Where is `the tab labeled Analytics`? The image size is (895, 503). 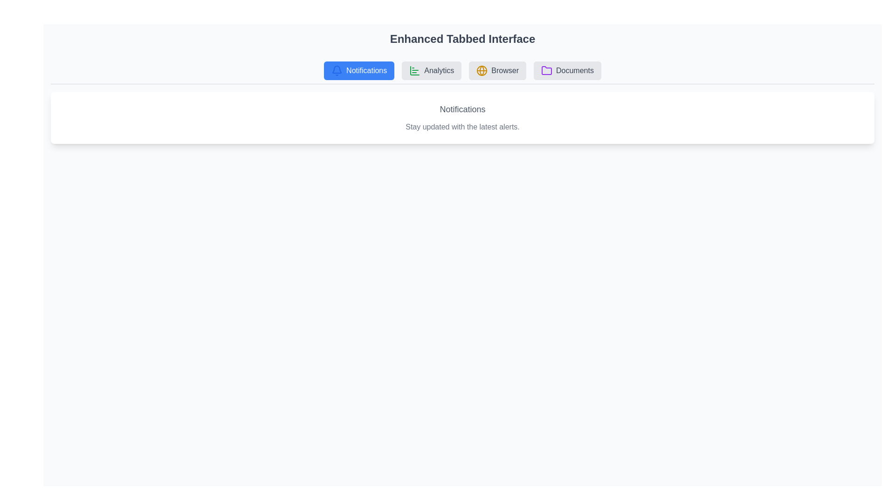 the tab labeled Analytics is located at coordinates (431, 70).